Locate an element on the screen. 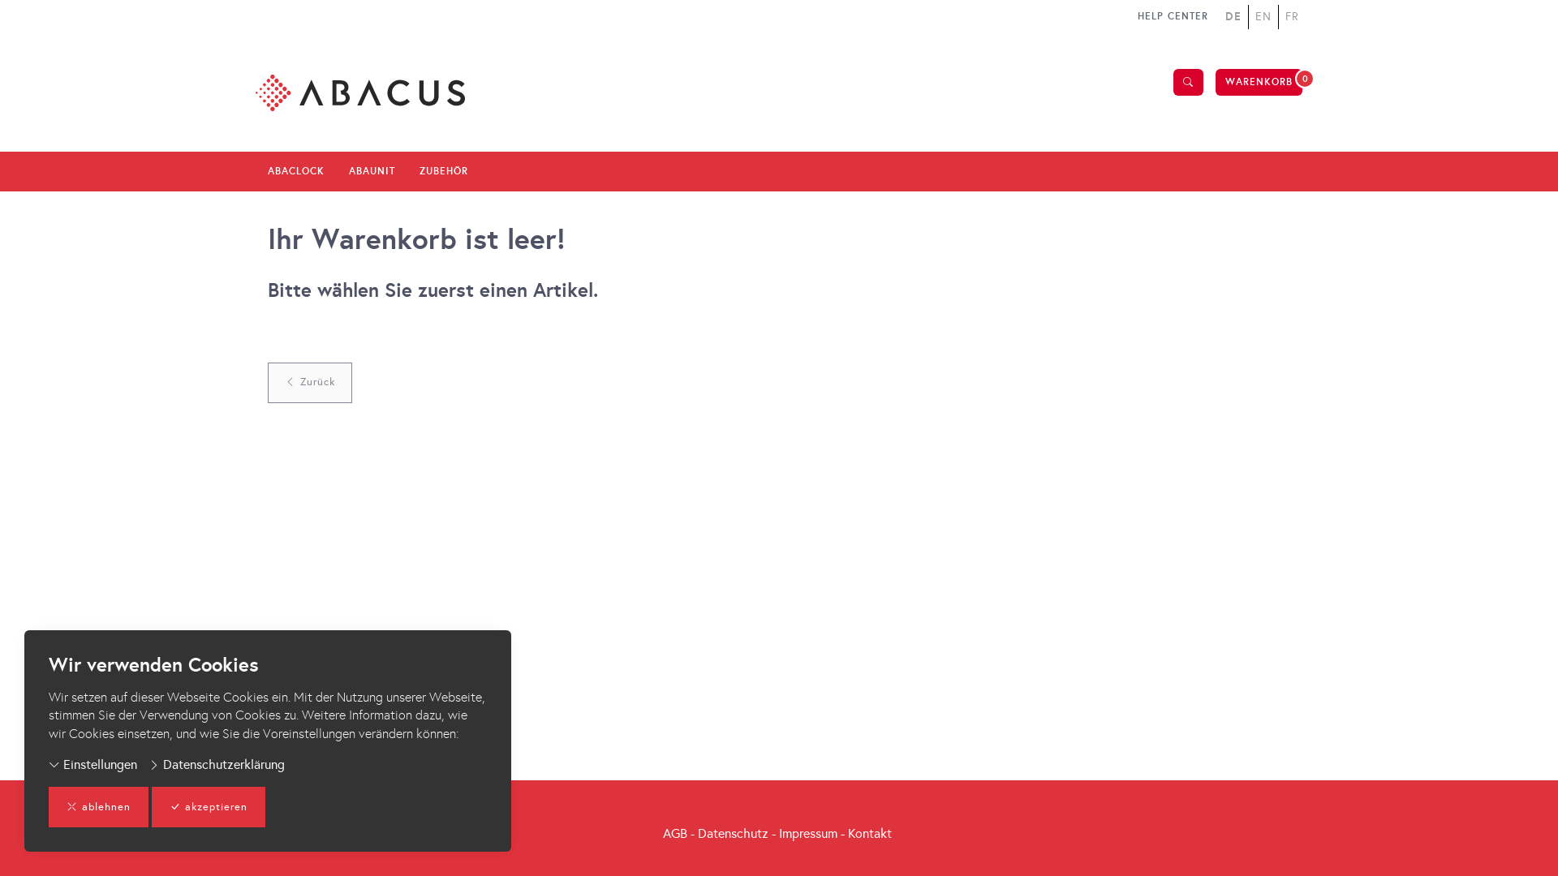  'Suche' is located at coordinates (1188, 82).